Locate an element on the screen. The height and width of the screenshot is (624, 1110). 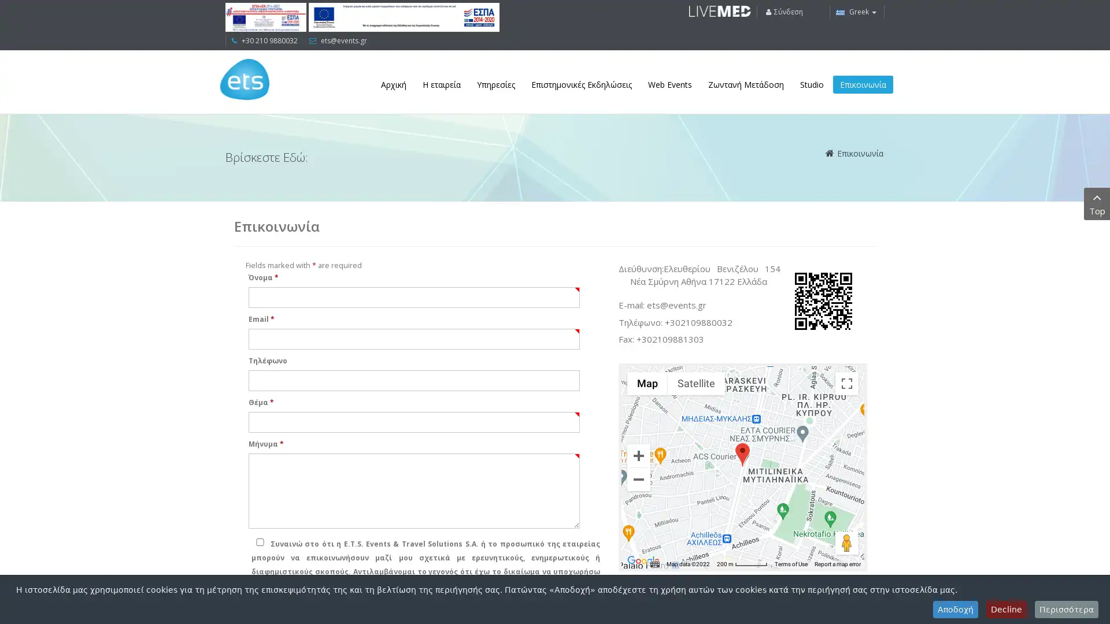
Toggle fullscreen view is located at coordinates (846, 383).